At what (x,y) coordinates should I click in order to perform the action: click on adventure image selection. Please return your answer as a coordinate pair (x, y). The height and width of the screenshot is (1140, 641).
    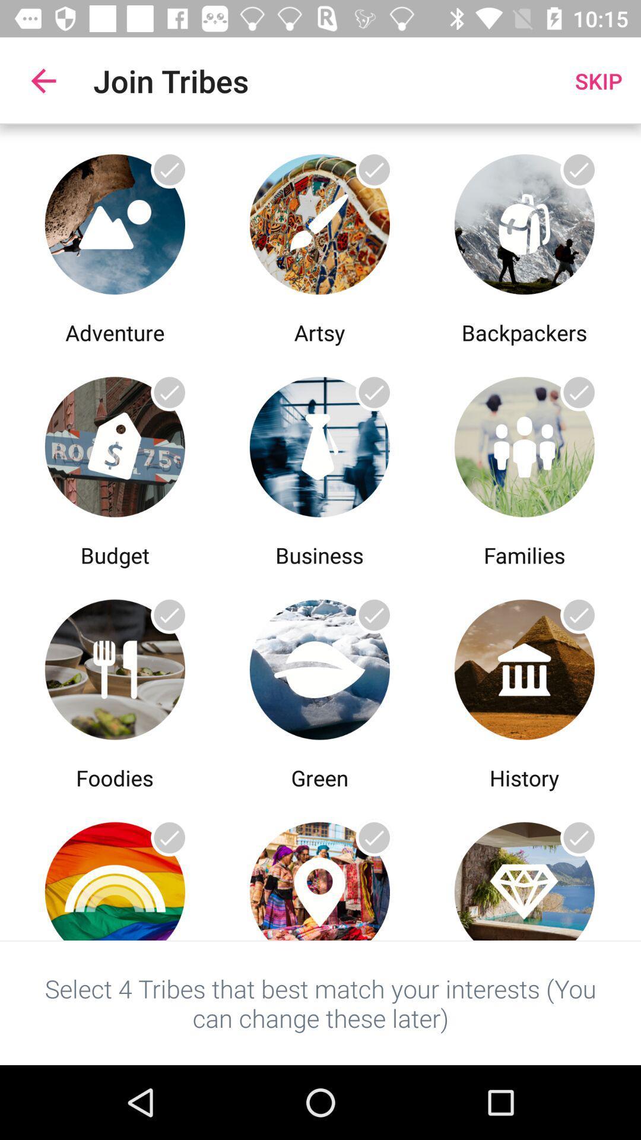
    Looking at the image, I should click on (115, 221).